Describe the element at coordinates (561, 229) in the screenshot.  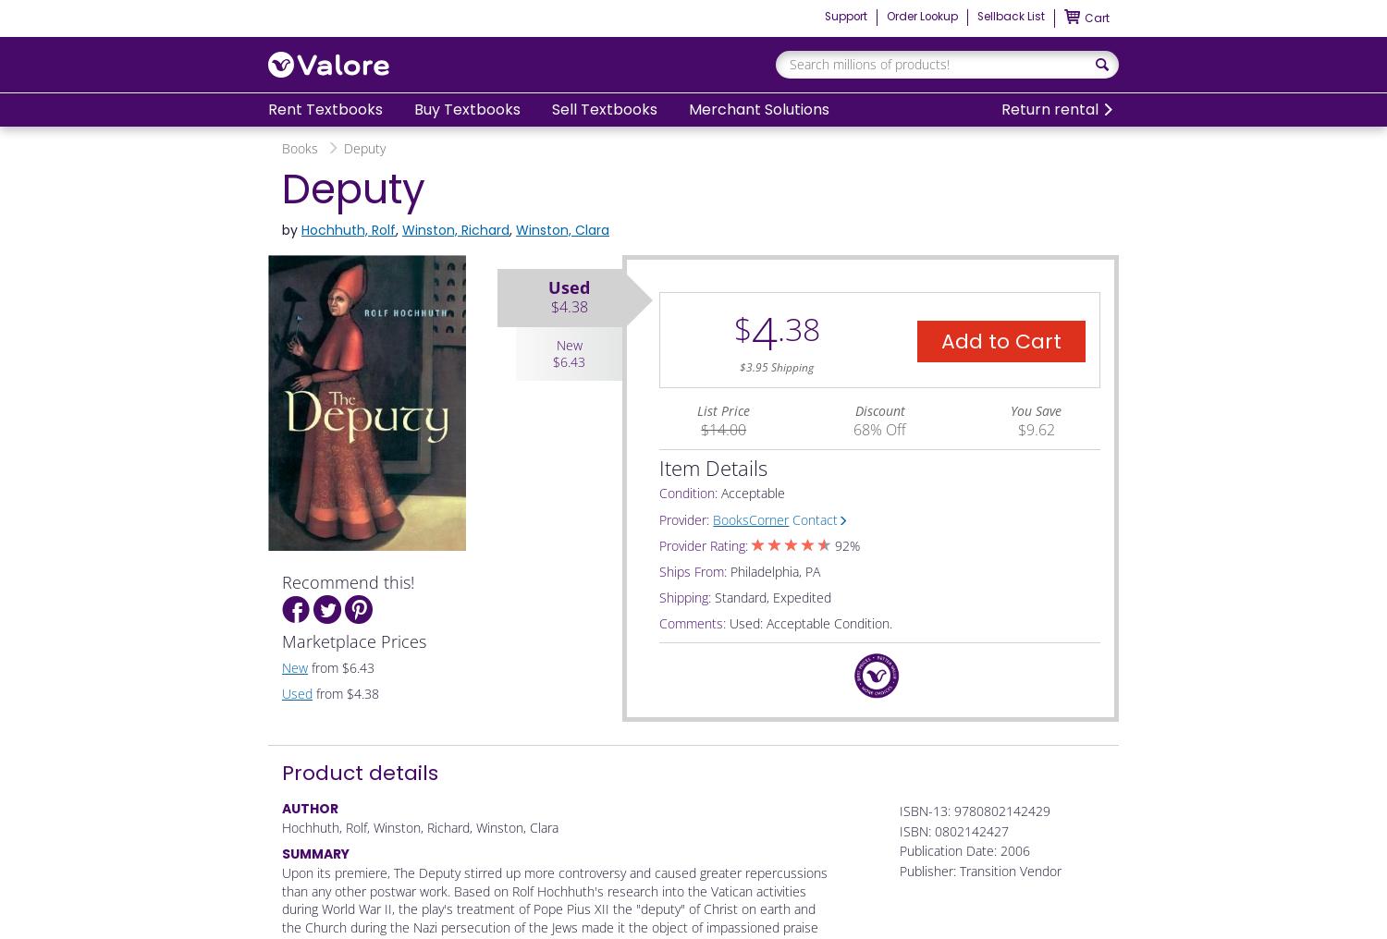
I see `'Winston, Clara'` at that location.